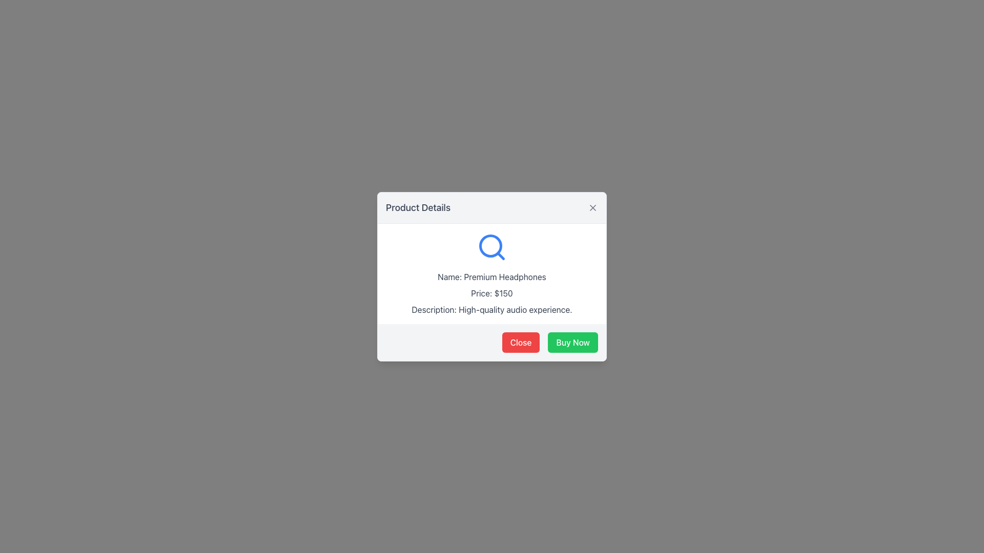  I want to click on the 'Buy Now' button, which is a green button with white text located at the bottom-right corner of the dialog box, so click(572, 342).